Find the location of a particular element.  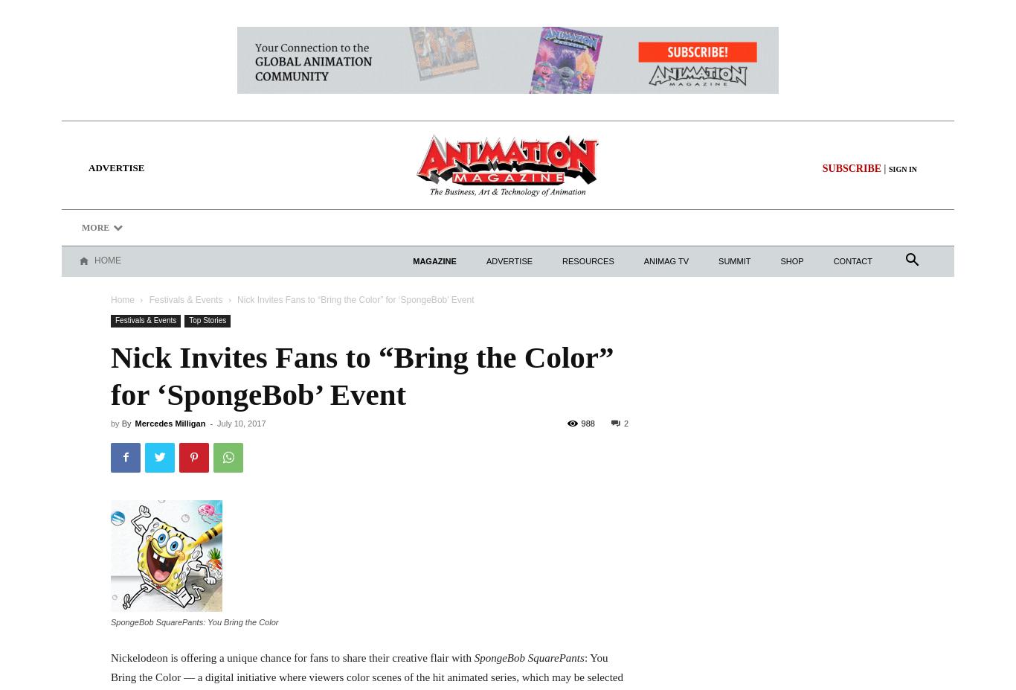

'Video Games' is located at coordinates (803, 226).